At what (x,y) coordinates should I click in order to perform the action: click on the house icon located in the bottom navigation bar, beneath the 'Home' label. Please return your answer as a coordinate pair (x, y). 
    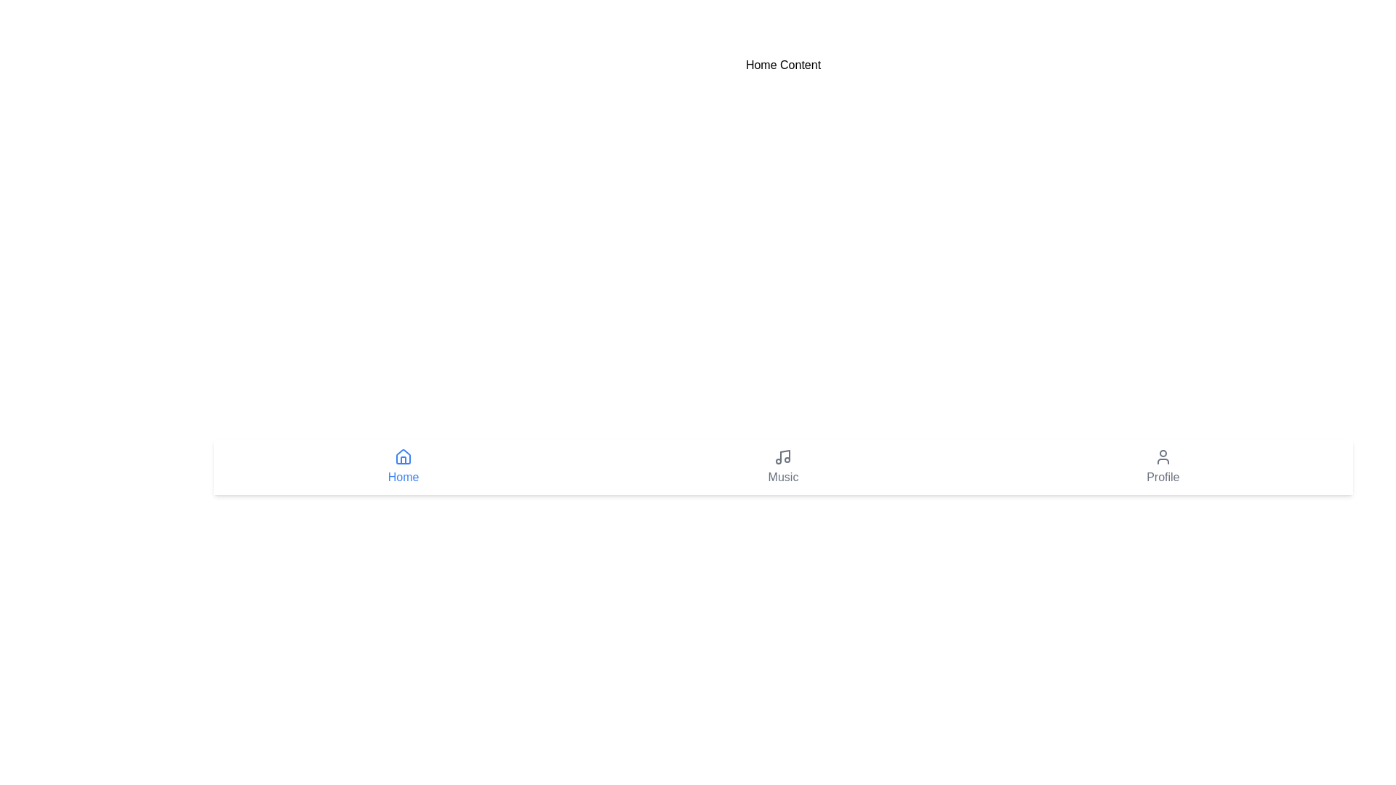
    Looking at the image, I should click on (404, 456).